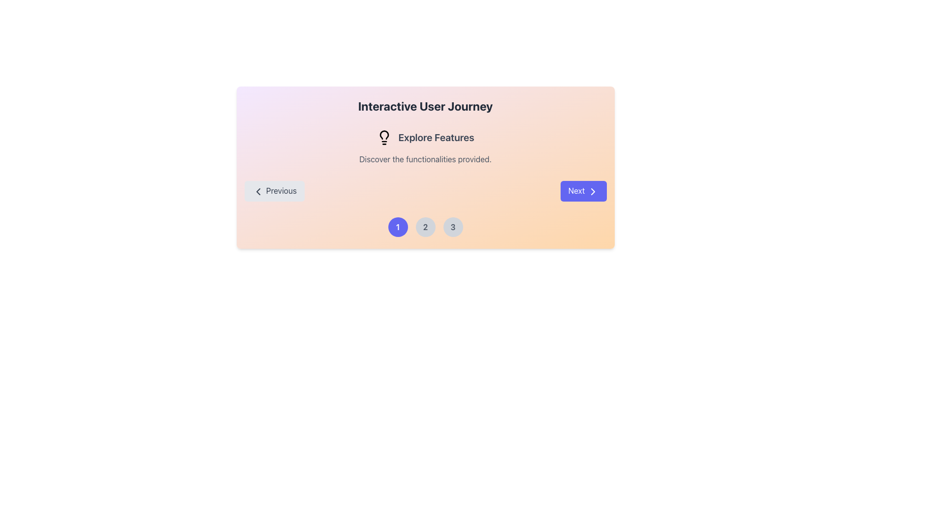 The width and height of the screenshot is (945, 531). What do you see at coordinates (436, 138) in the screenshot?
I see `the text label that reads 'Explore Features'` at bounding box center [436, 138].